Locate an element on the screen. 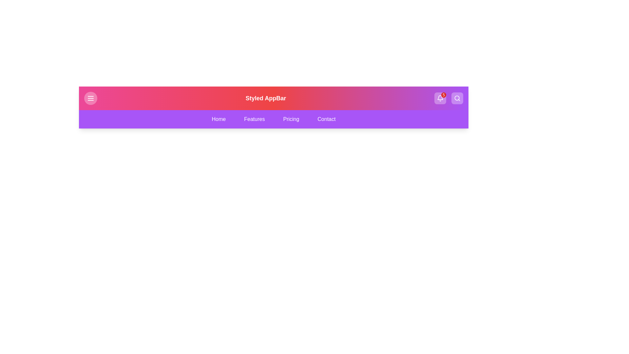 Image resolution: width=629 pixels, height=354 pixels. notification button in the StyledAppBar component is located at coordinates (440, 98).